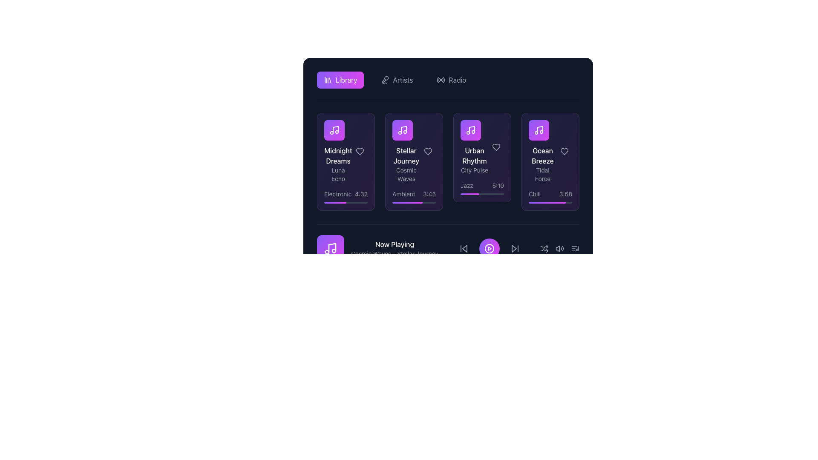  What do you see at coordinates (402, 130) in the screenshot?
I see `the musical note icon, which is styled with a white color and located within the second card of the Library section, centered in the upper part of the card` at bounding box center [402, 130].